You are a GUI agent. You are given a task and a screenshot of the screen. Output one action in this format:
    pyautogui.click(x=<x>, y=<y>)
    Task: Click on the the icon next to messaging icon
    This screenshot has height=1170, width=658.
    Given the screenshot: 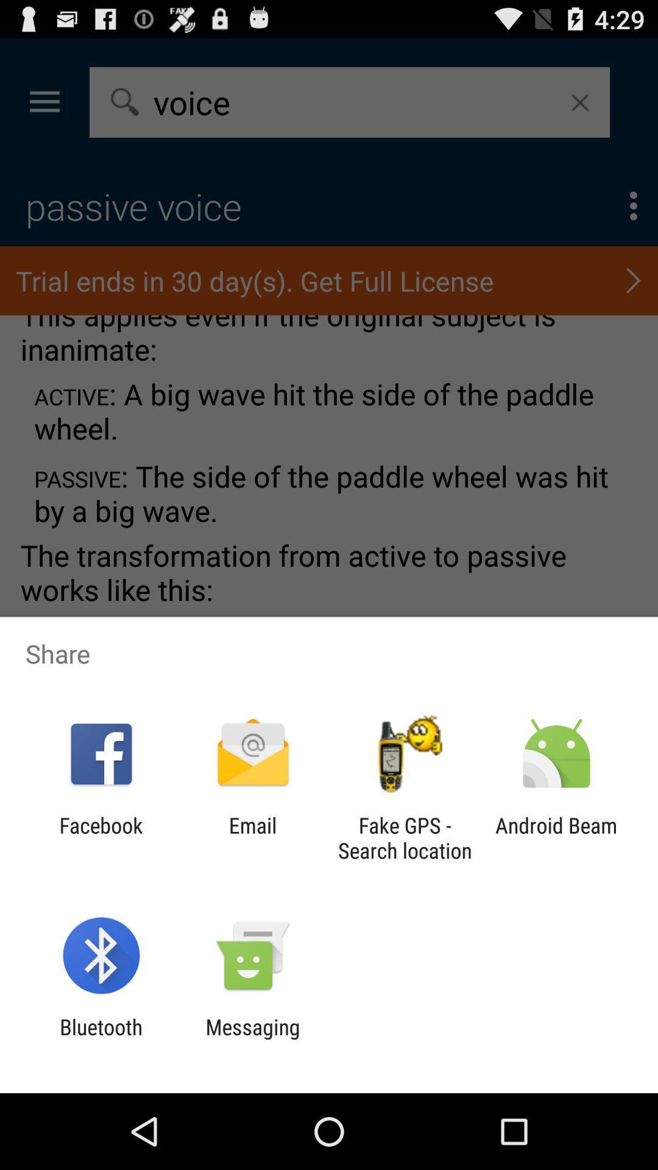 What is the action you would take?
    pyautogui.click(x=101, y=1039)
    